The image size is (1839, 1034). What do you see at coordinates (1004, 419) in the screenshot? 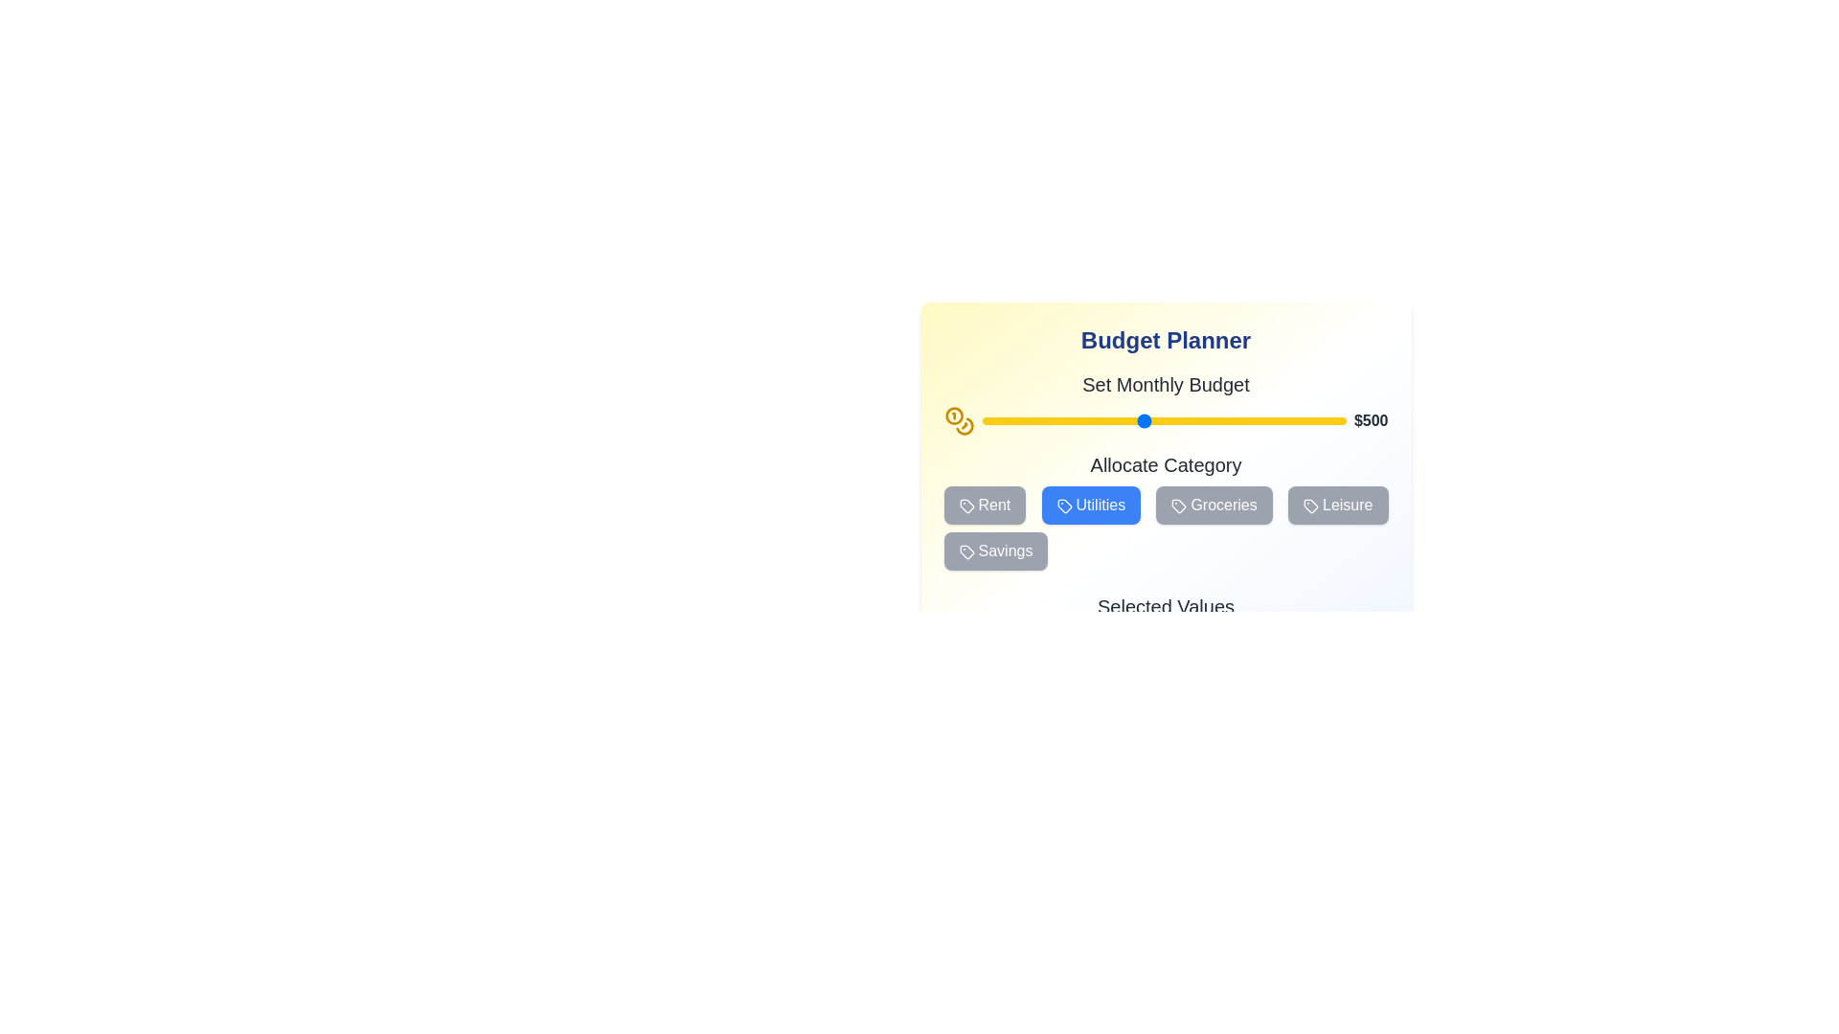
I see `the monthly budget` at bounding box center [1004, 419].